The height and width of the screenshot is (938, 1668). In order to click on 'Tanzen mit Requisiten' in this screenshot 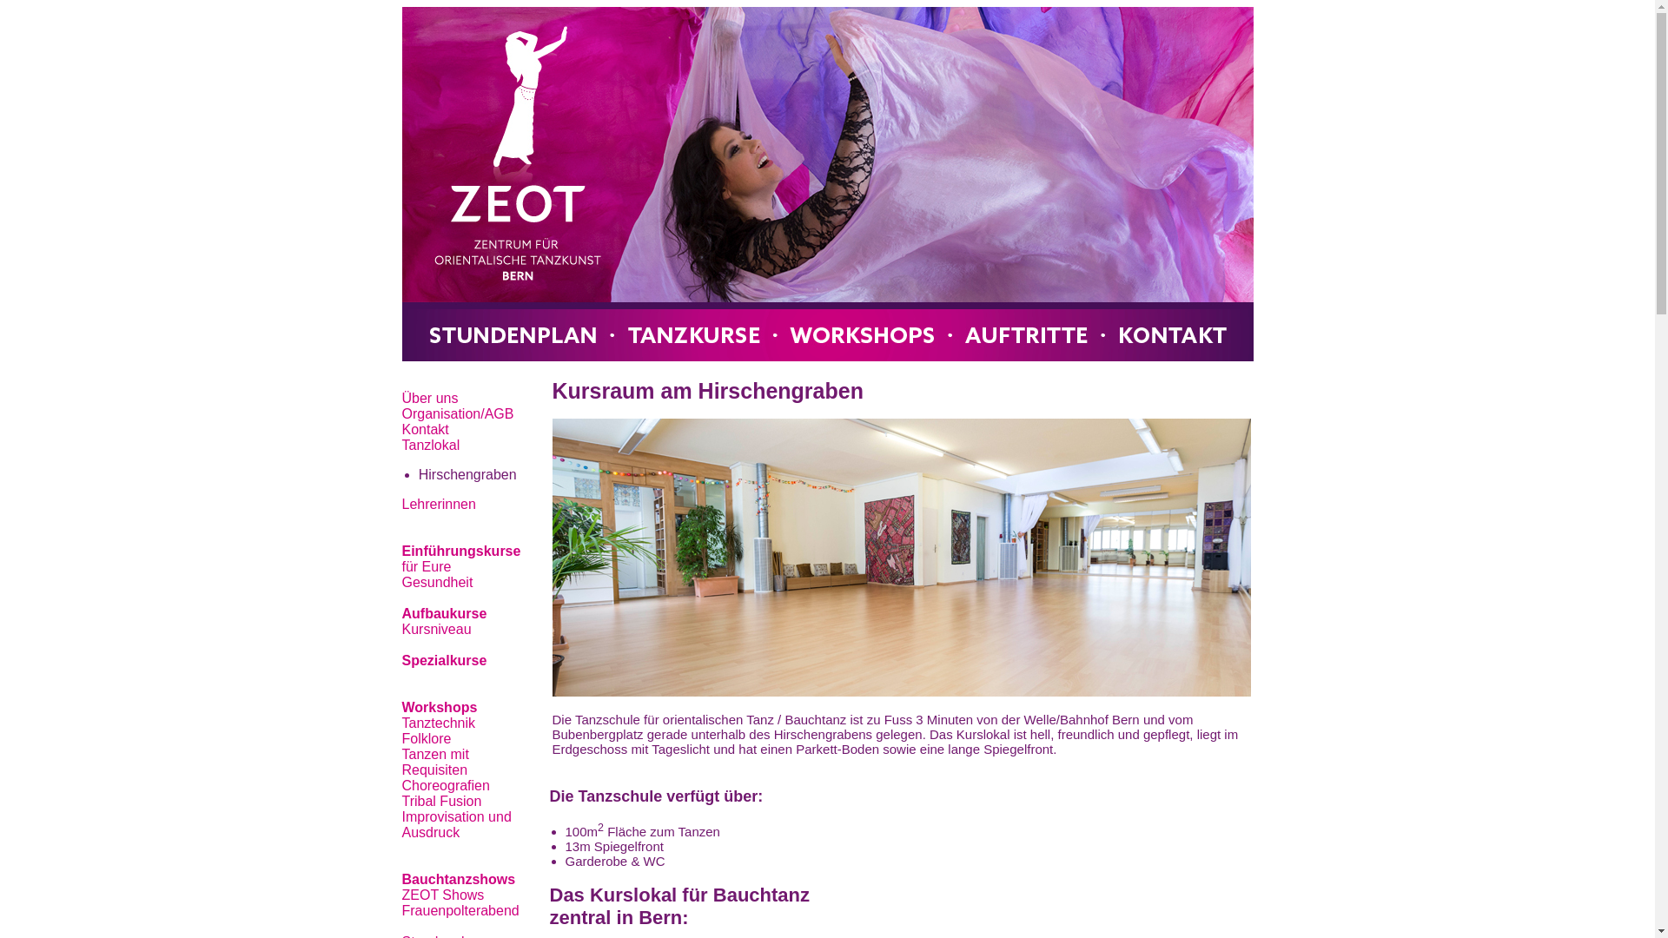, I will do `click(434, 761)`.